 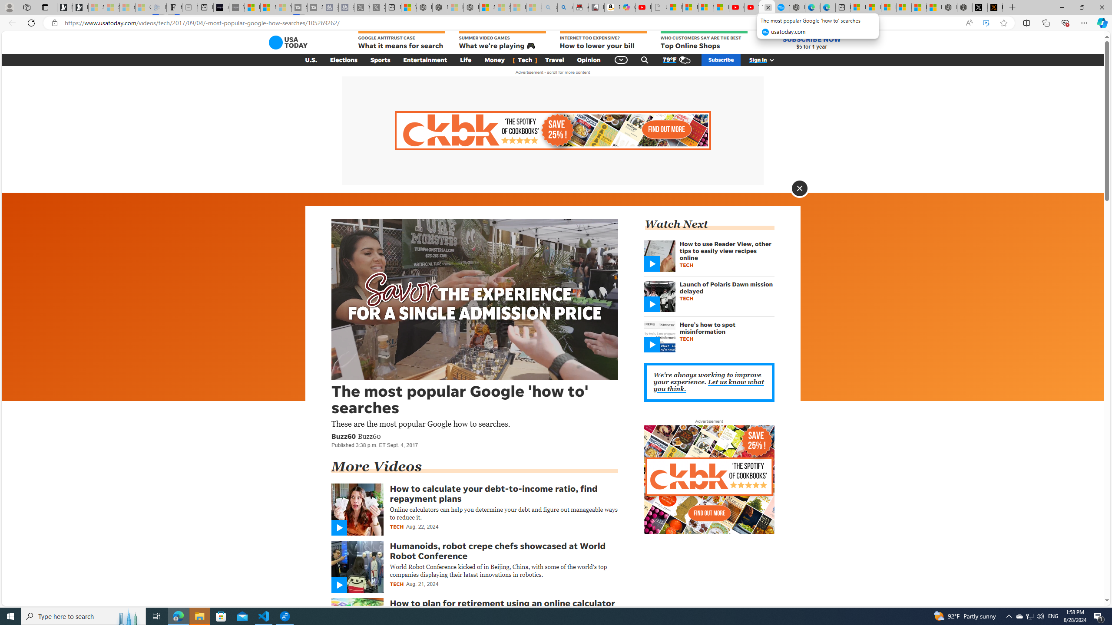 I want to click on 'Nordace (@NordaceOfficial) / X', so click(x=979, y=7).